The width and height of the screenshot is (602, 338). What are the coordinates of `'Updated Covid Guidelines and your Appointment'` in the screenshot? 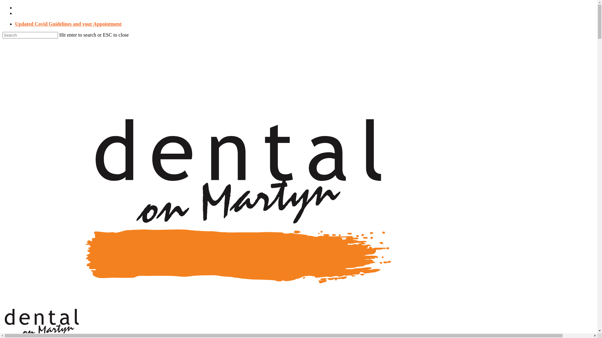 It's located at (68, 23).